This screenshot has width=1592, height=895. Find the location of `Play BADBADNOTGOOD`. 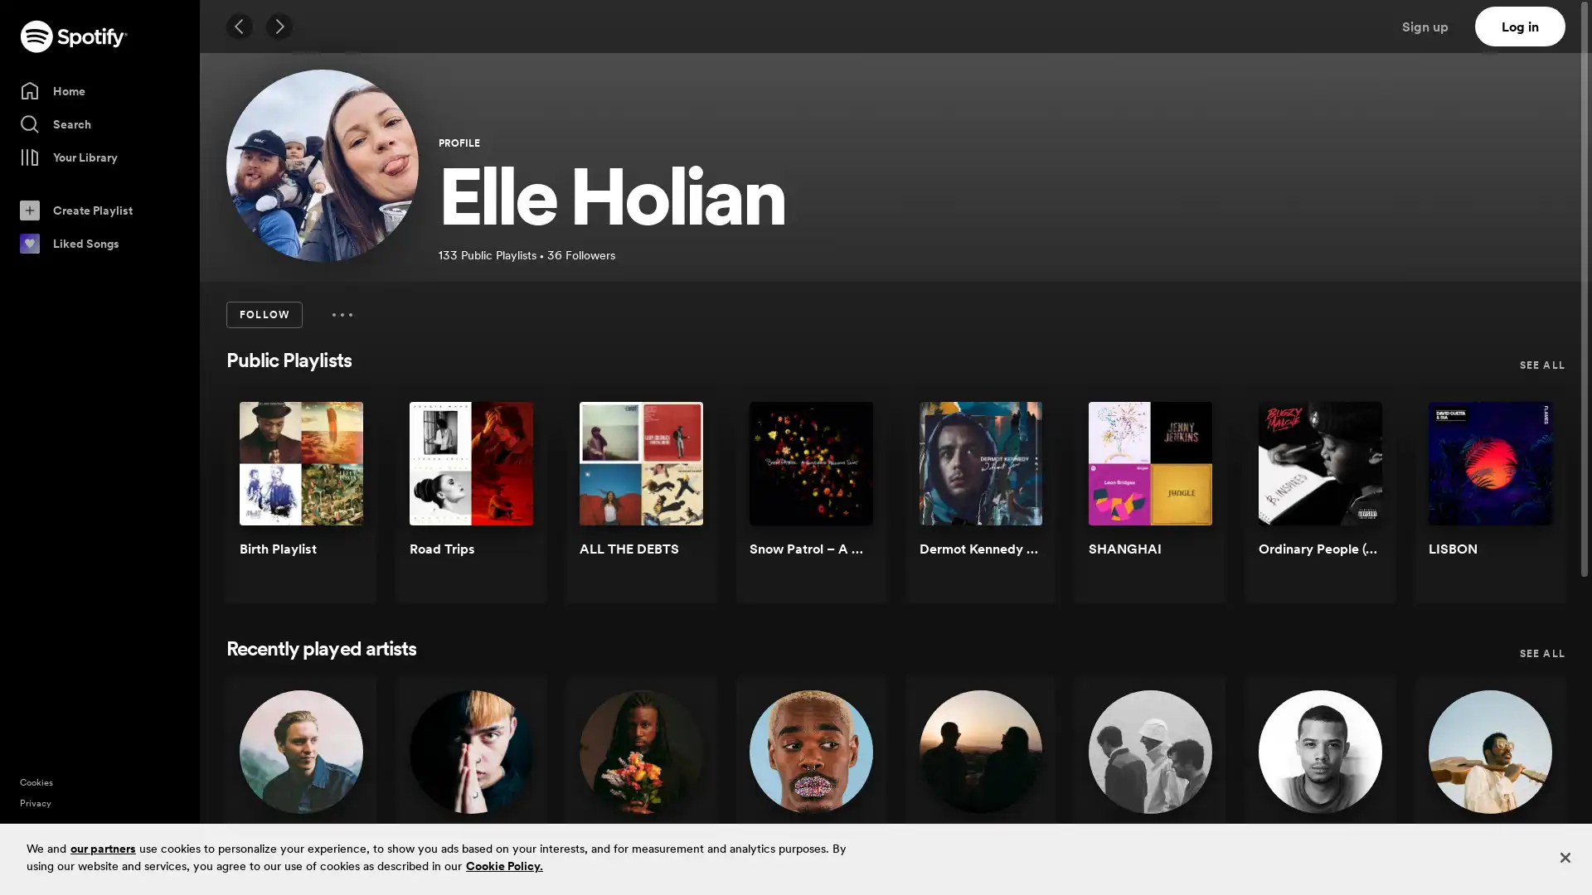

Play BADBADNOTGOOD is located at coordinates (1185, 791).